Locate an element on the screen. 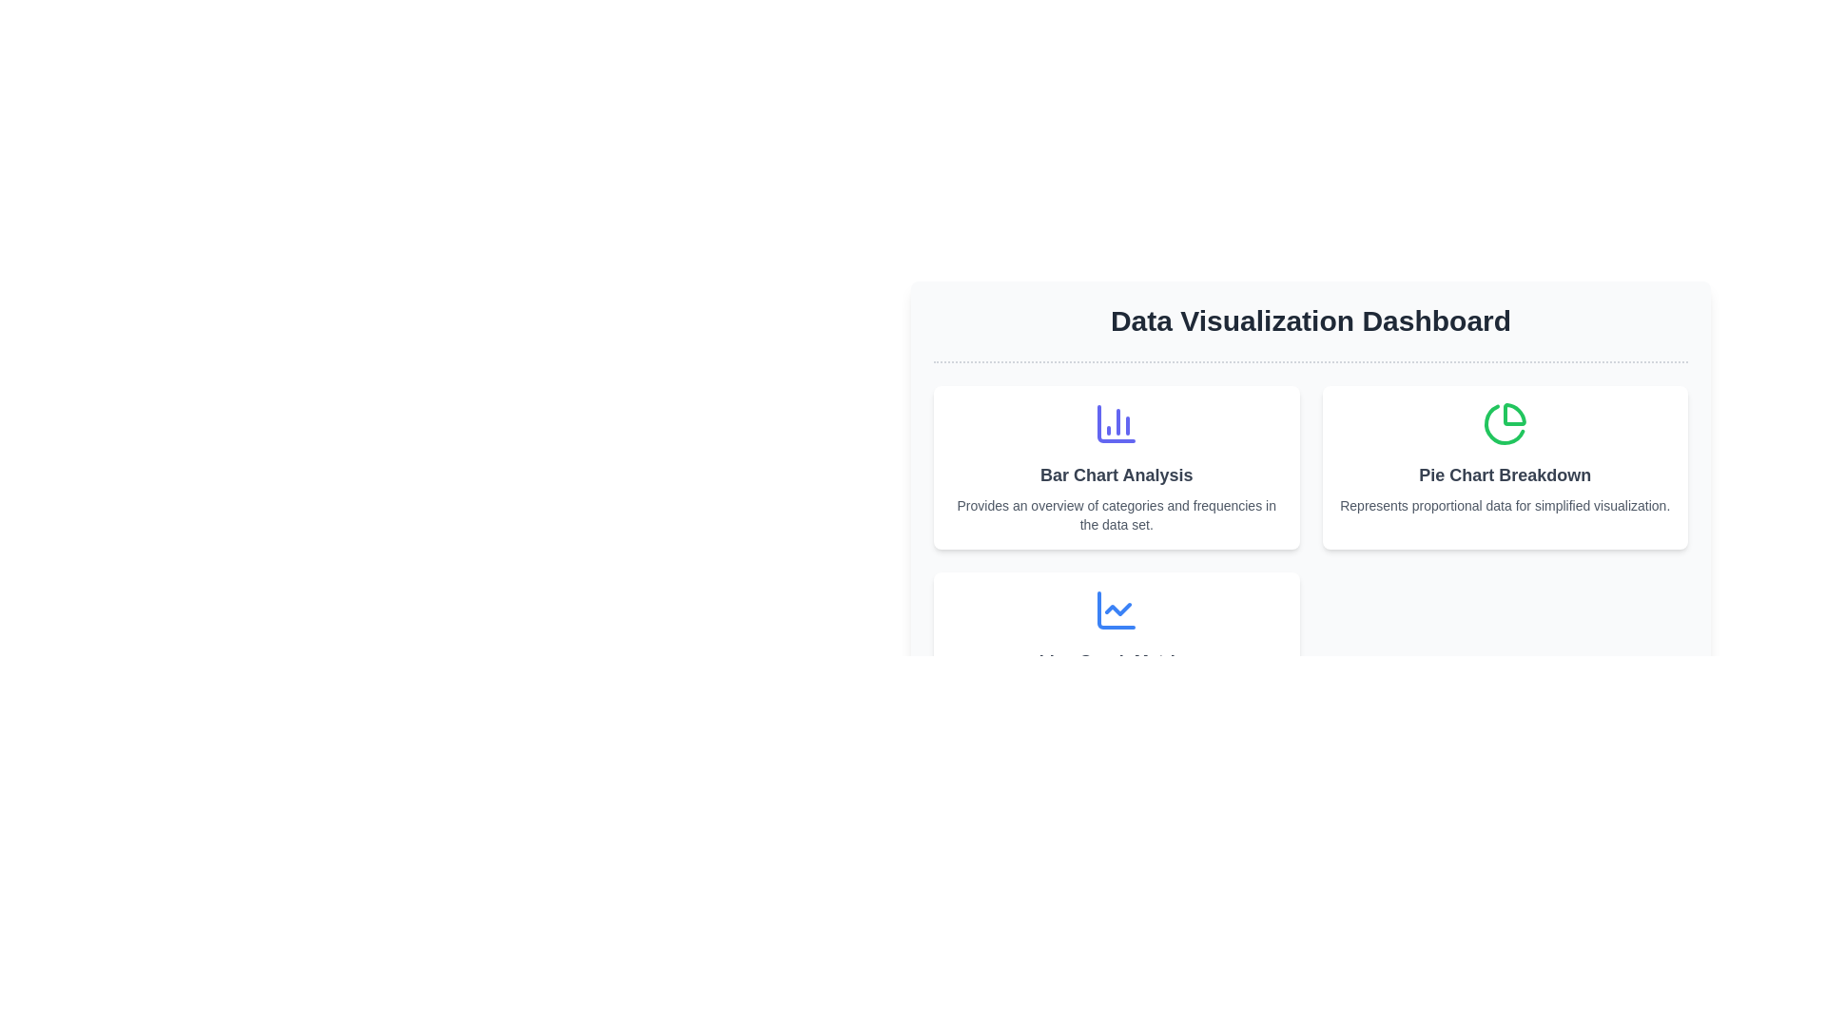 This screenshot has width=1826, height=1027. small blue graphical icon segment, which has a pointed arrow-like structure and is located within the leftmost card on the second row of the dashboard interface under the 'Bar Chart Analysis' section is located at coordinates (1118, 609).